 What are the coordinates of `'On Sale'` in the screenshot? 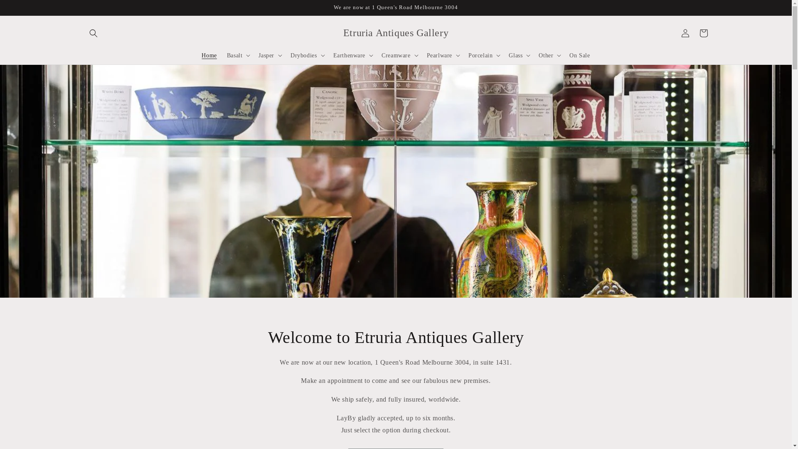 It's located at (579, 55).